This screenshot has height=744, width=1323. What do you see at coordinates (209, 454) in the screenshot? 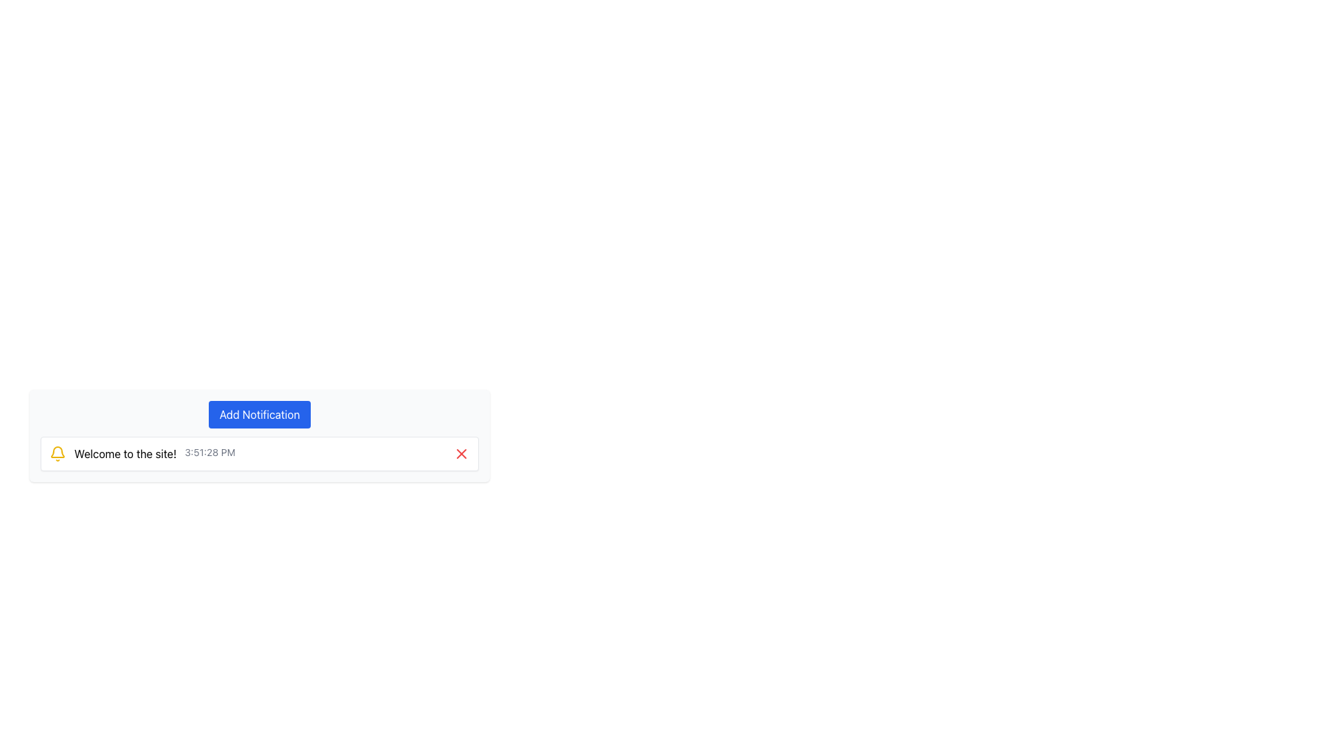
I see `the timestamp displaying '3:51:28 PM' in gray, located to the right of the message 'Welcome to the site!' in the notification bar` at bounding box center [209, 454].